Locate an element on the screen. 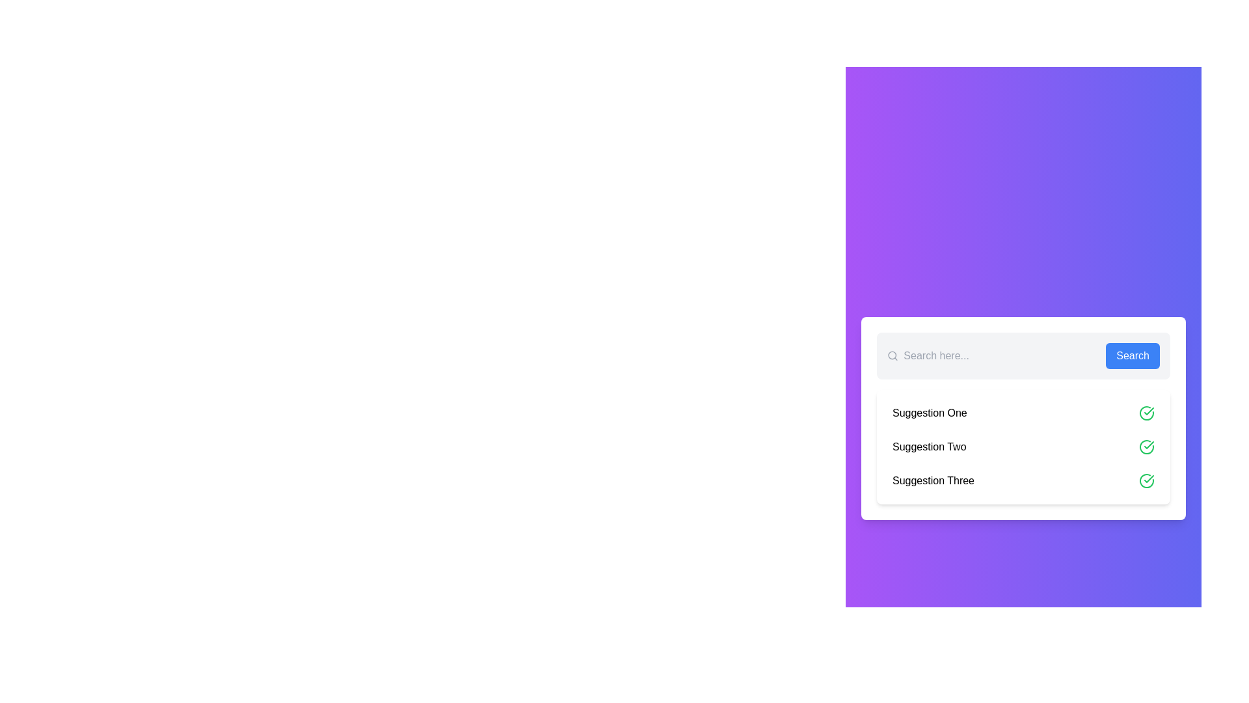 Image resolution: width=1249 pixels, height=703 pixels. the first suggestion item is located at coordinates (1023, 413).